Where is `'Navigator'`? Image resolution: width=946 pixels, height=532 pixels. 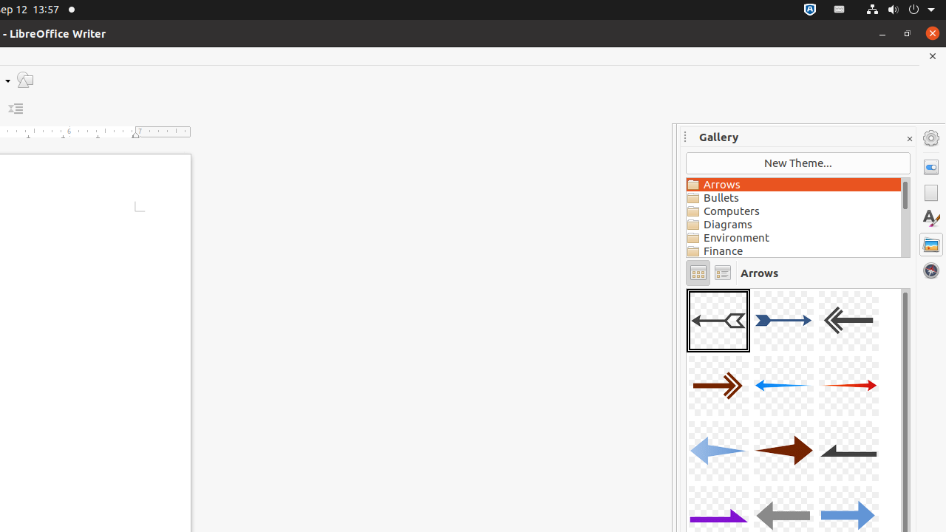 'Navigator' is located at coordinates (930, 270).